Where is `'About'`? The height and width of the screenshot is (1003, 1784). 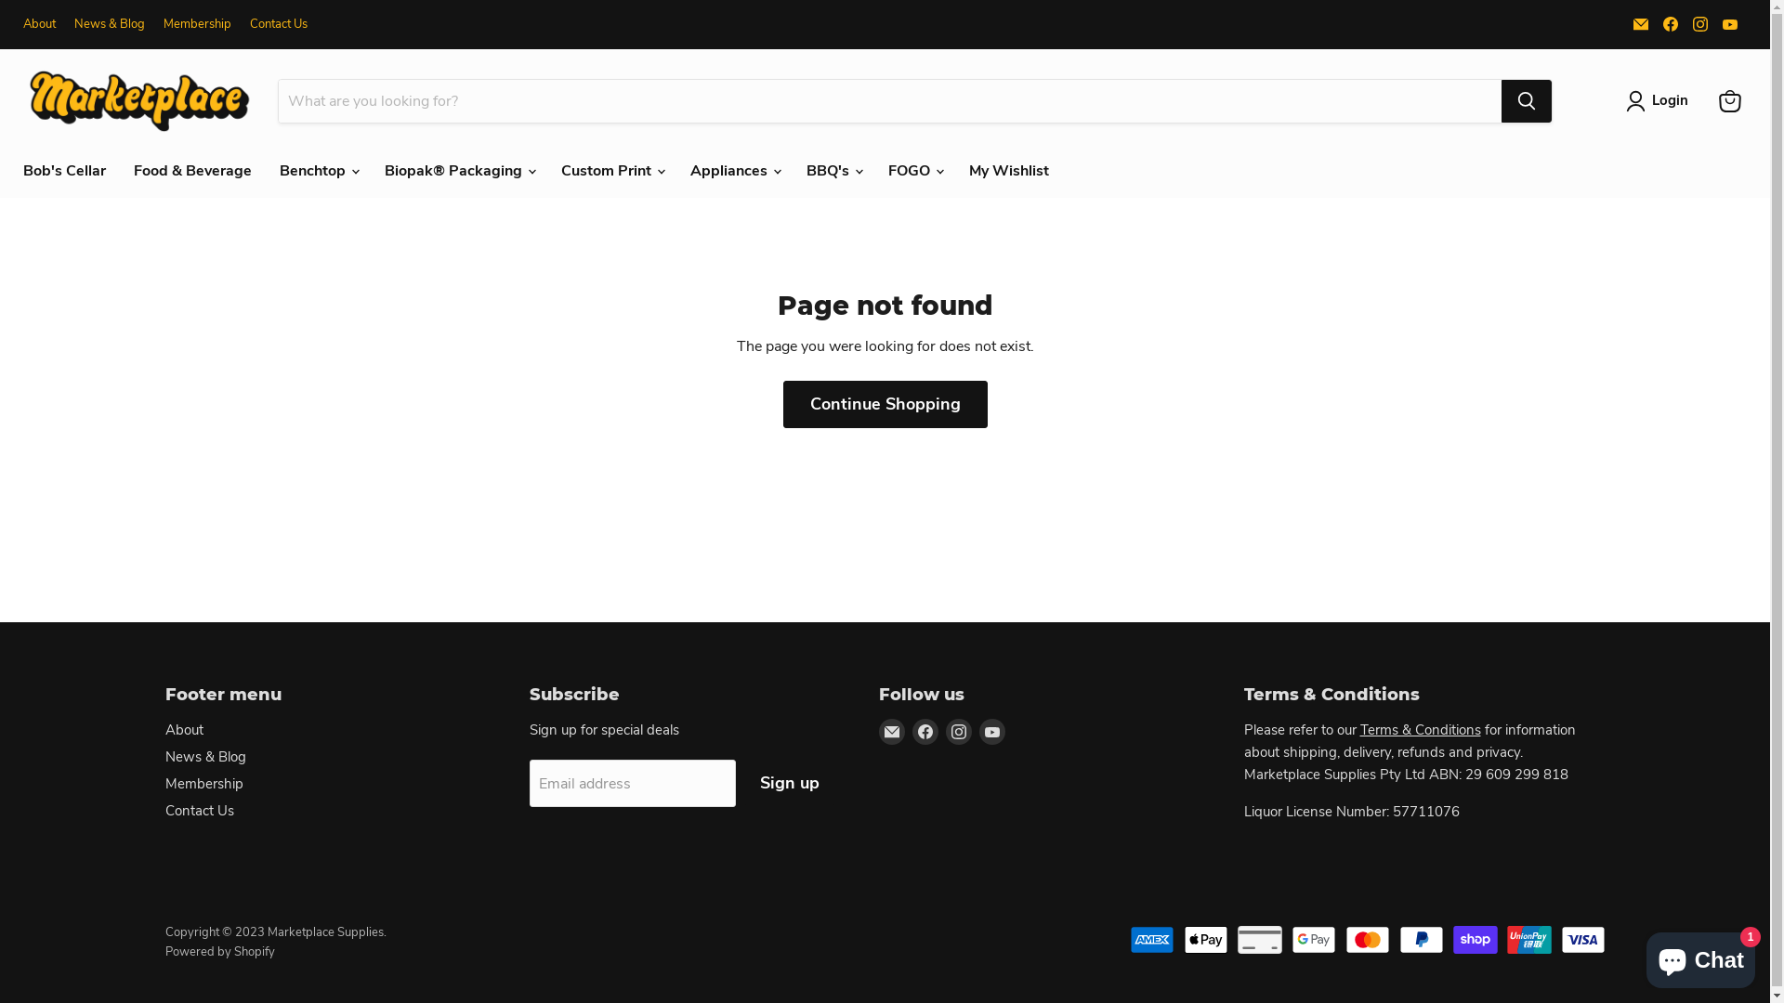
'About' is located at coordinates (39, 24).